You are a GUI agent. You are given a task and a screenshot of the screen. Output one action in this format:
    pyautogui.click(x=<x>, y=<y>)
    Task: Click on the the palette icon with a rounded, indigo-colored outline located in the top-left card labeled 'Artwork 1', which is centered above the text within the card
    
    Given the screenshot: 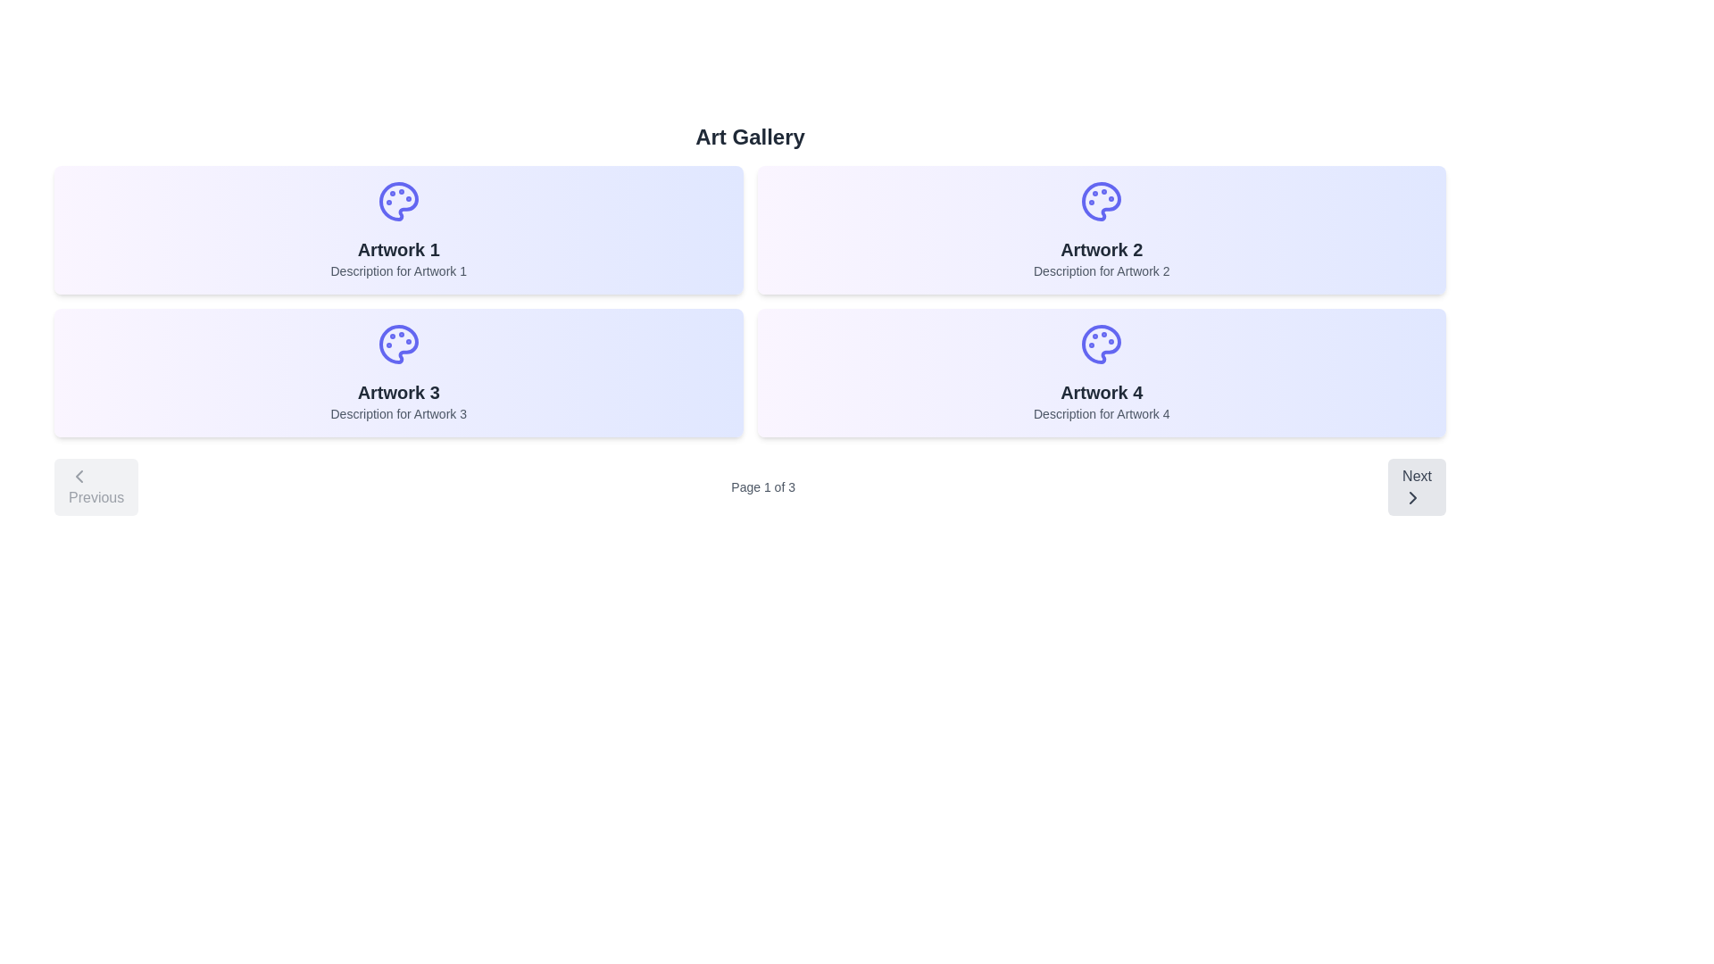 What is the action you would take?
    pyautogui.click(x=397, y=201)
    